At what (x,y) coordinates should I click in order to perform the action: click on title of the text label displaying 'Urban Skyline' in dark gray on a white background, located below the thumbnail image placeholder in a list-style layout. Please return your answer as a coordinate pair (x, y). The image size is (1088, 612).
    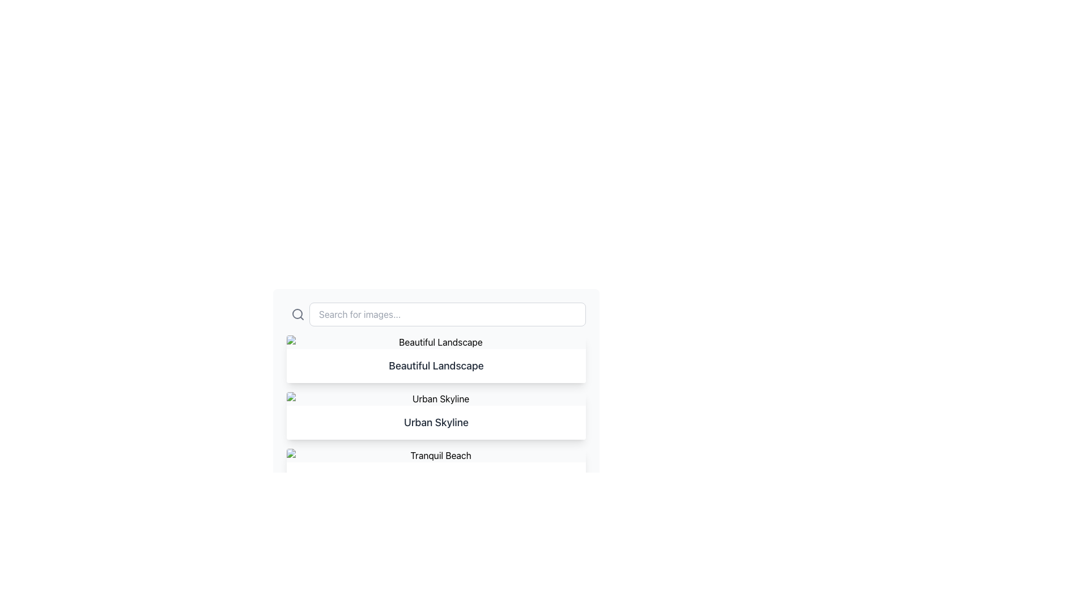
    Looking at the image, I should click on (435, 422).